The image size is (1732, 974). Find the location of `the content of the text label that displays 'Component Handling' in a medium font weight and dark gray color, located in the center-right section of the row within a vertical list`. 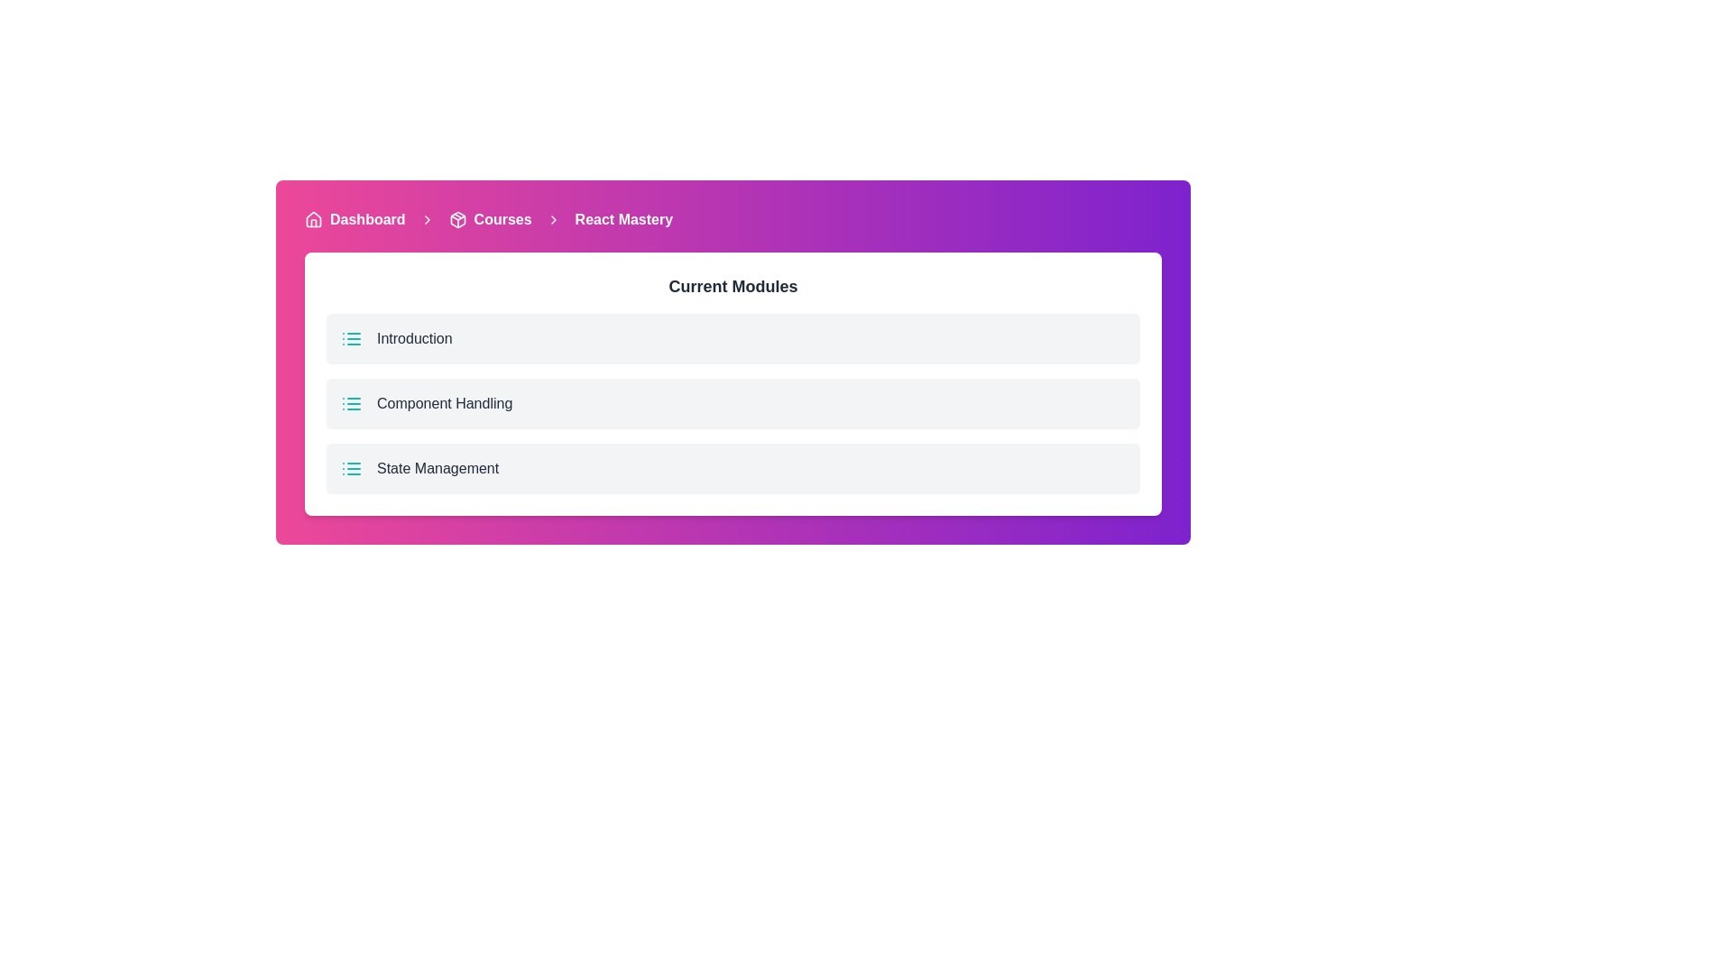

the content of the text label that displays 'Component Handling' in a medium font weight and dark gray color, located in the center-right section of the row within a vertical list is located at coordinates (445, 402).